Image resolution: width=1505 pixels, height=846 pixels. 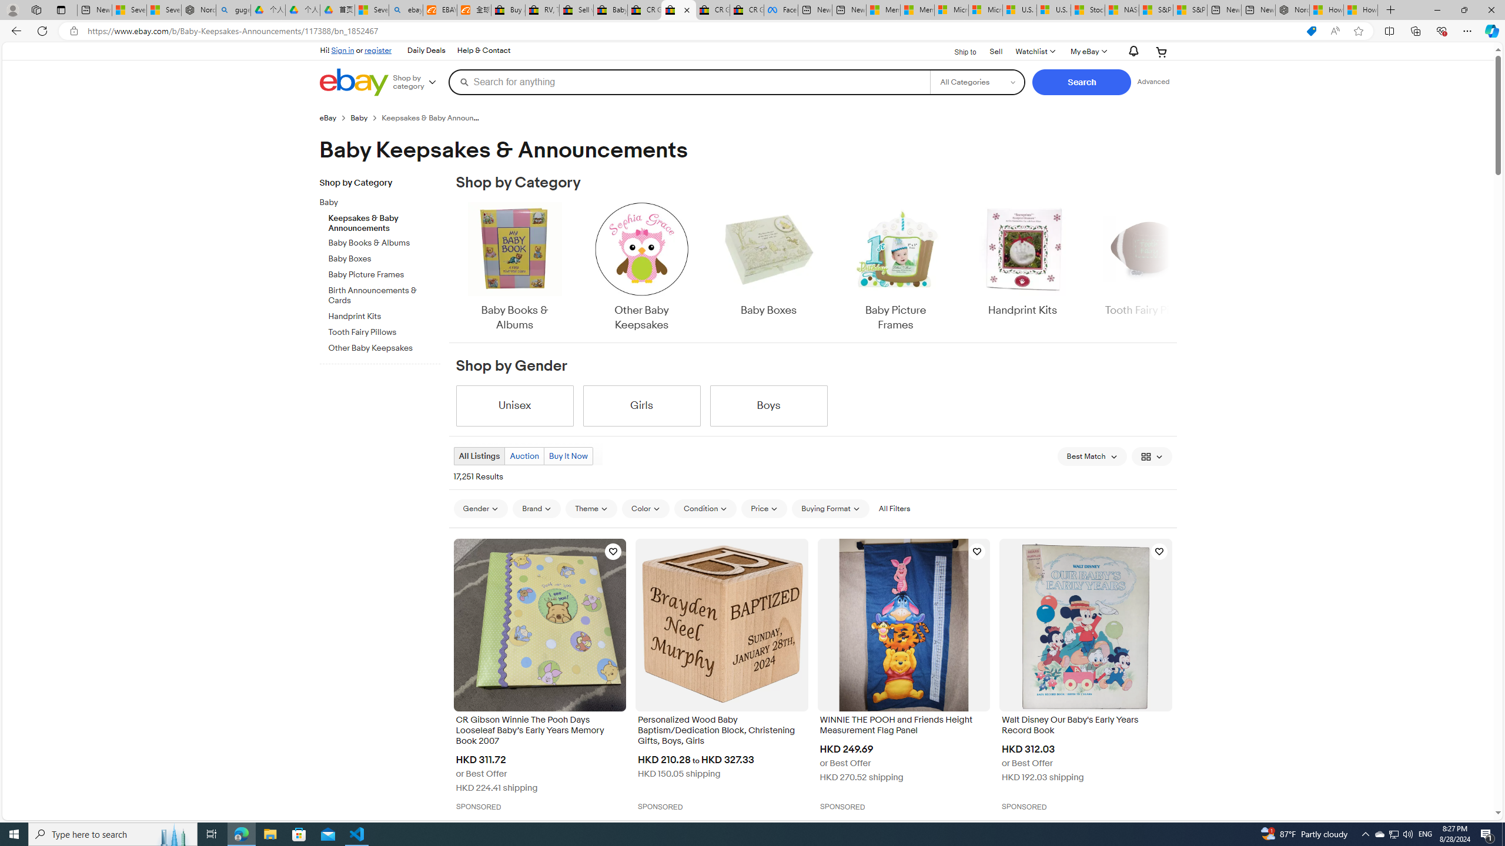 I want to click on 'Search for anything', so click(x=688, y=81).